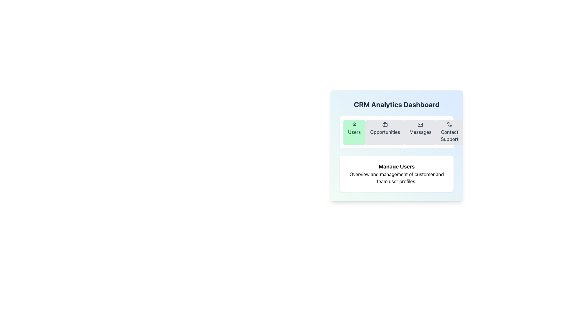 Image resolution: width=564 pixels, height=317 pixels. I want to click on the support contact icon located on the right side of the navigation bar, so click(449, 124).